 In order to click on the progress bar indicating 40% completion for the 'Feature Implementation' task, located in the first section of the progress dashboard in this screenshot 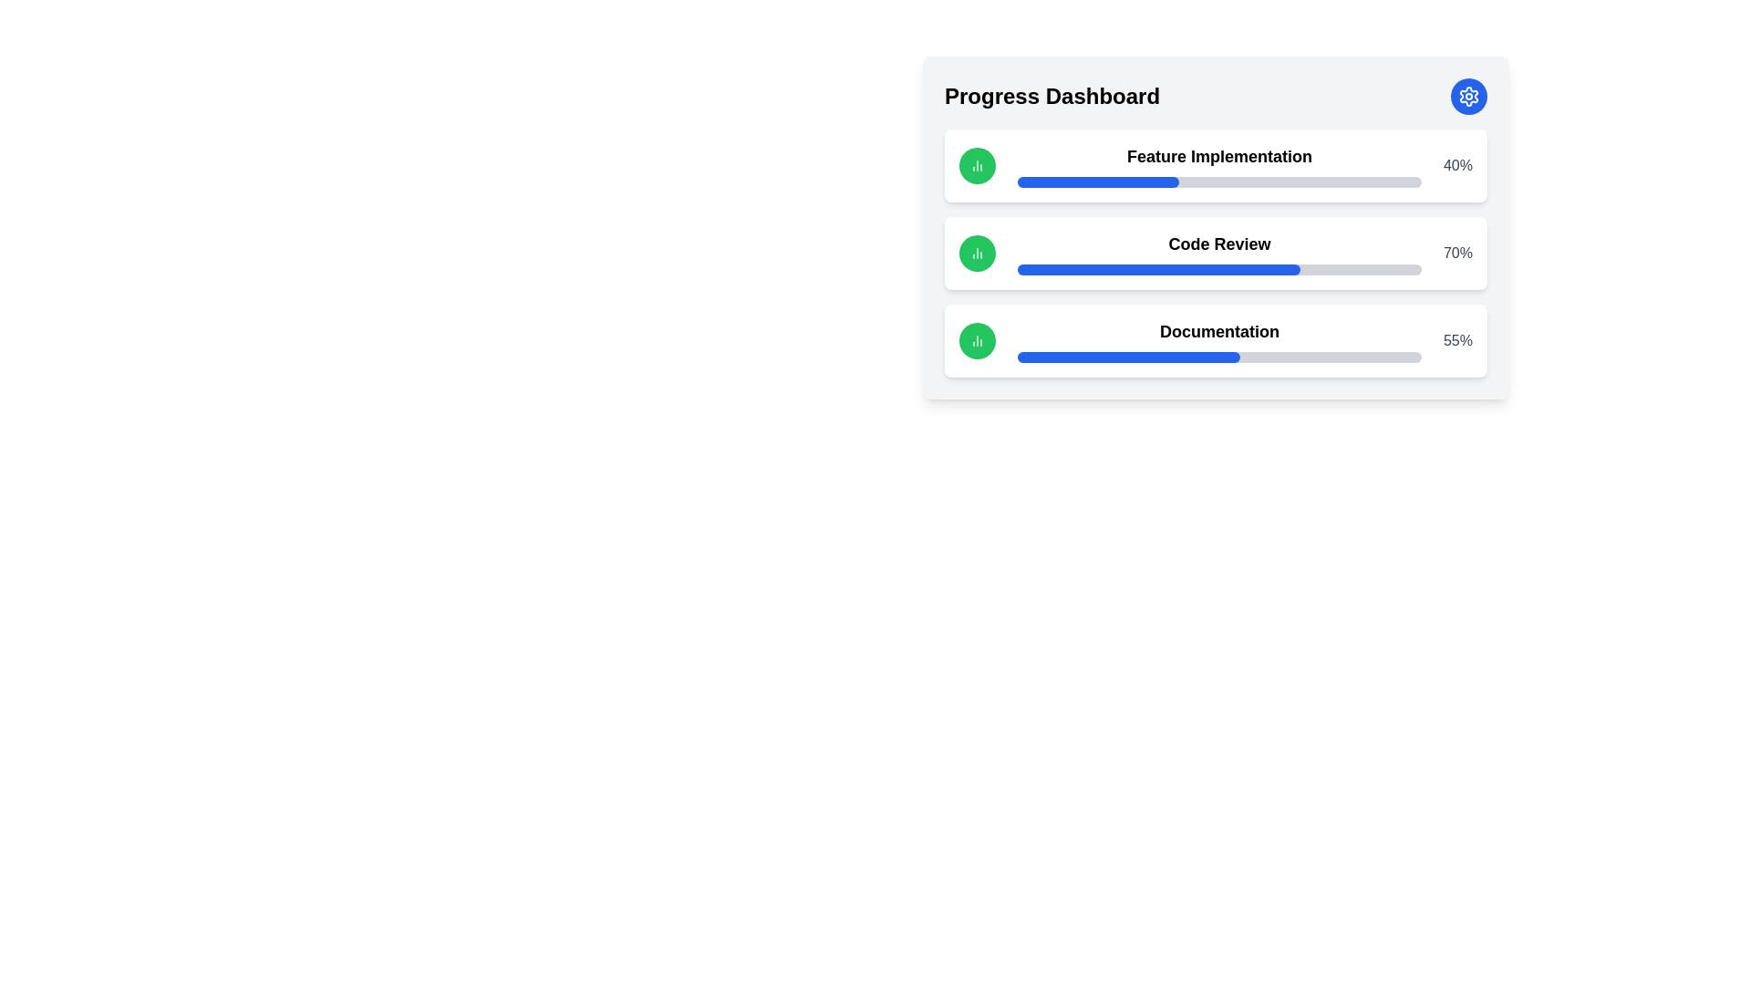, I will do `click(1219, 182)`.